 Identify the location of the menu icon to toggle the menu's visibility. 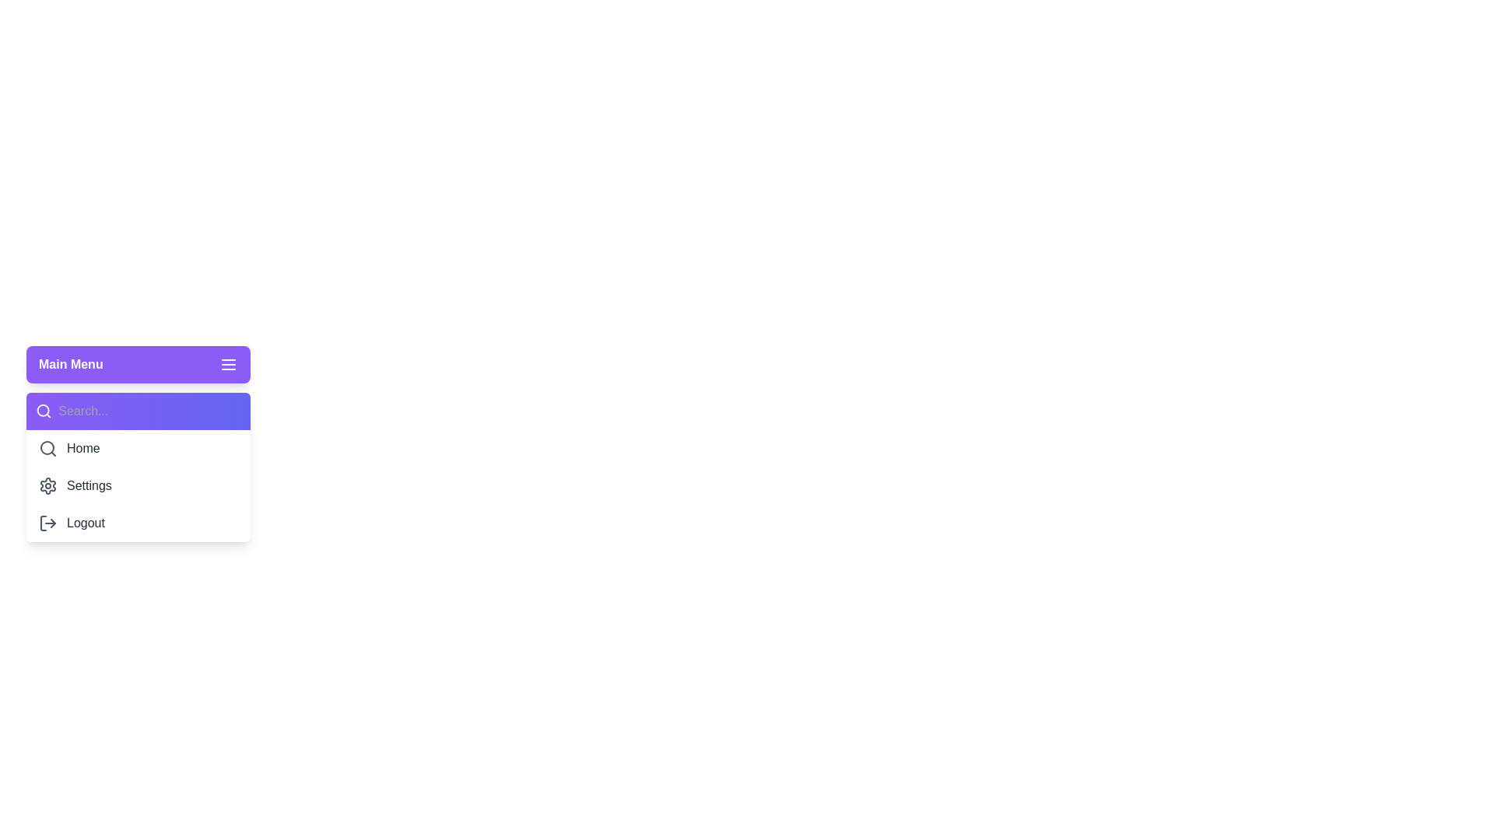
(227, 365).